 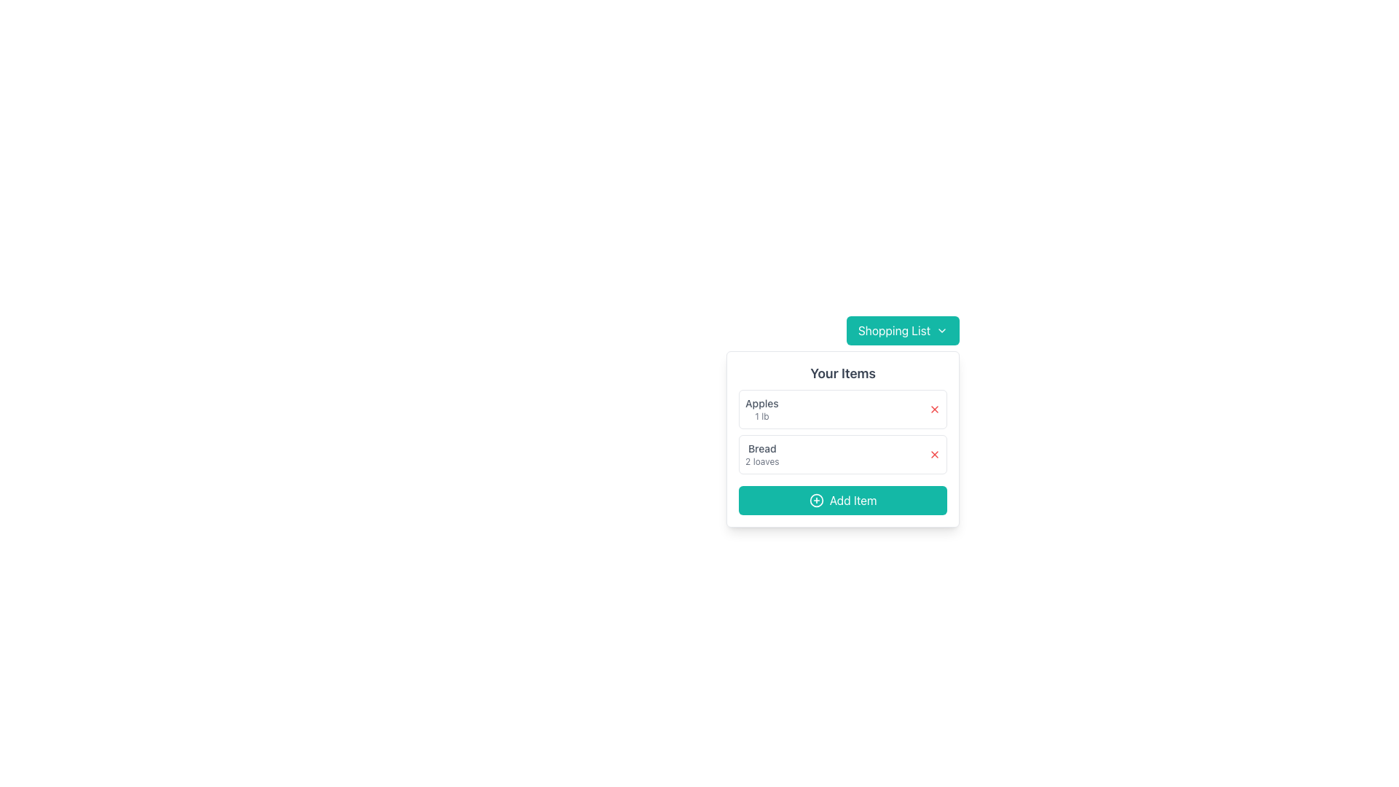 What do you see at coordinates (761, 461) in the screenshot?
I see `the text label that provides additional information about 'Bread' with a quantity of '2 loaves' located in the 'Your Items' section, underneath the text 'Bread.'` at bounding box center [761, 461].